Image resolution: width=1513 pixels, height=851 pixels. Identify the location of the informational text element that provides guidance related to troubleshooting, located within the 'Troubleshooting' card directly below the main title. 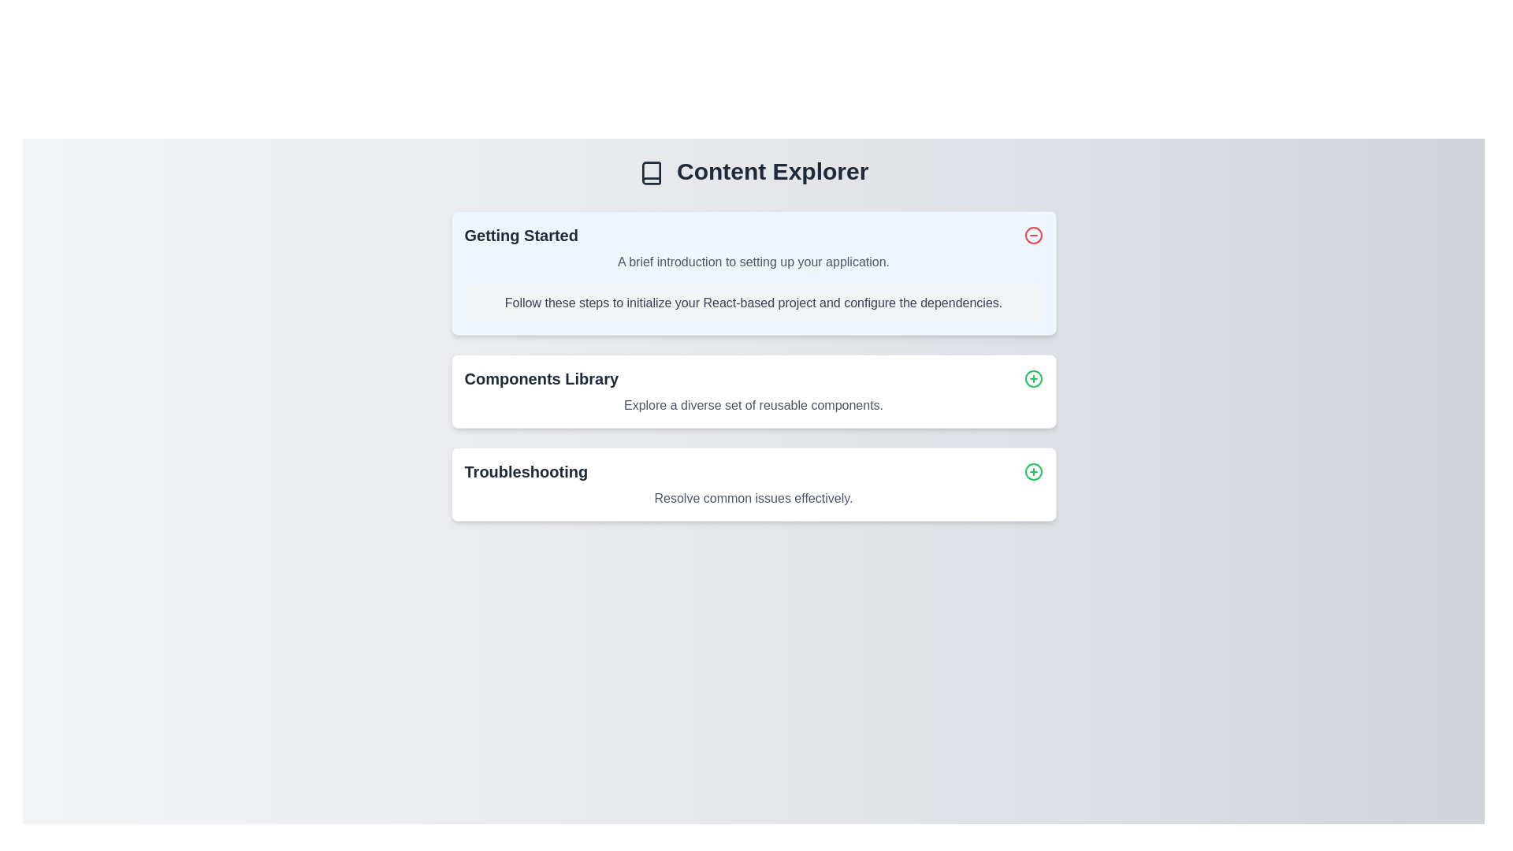
(753, 499).